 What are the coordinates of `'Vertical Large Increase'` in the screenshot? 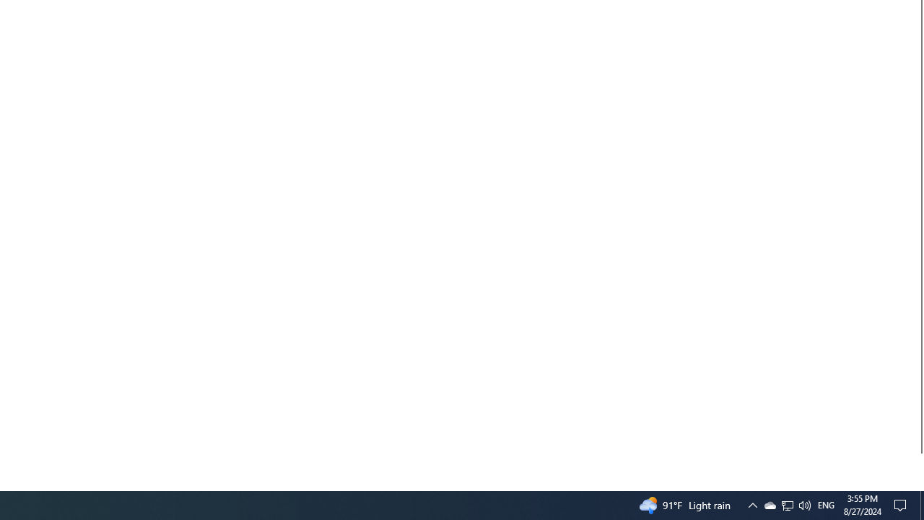 It's located at (918, 466).